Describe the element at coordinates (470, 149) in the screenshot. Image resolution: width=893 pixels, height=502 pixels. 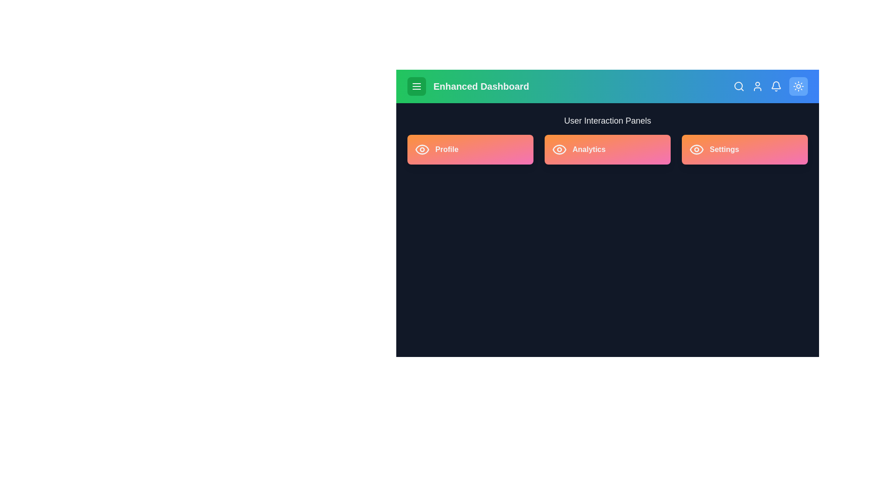
I see `the 'Profile' panel to interact with it` at that location.